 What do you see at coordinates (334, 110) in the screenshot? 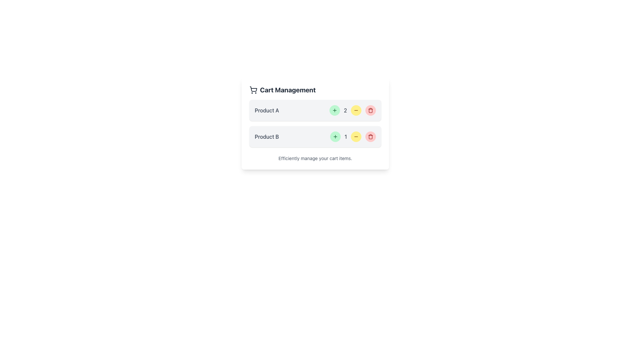
I see `the increment button for 'Product A' to increase its quantity in the cart, which is positioned to the left of the yellow minus button and to the right of the quantity display '2'` at bounding box center [334, 110].